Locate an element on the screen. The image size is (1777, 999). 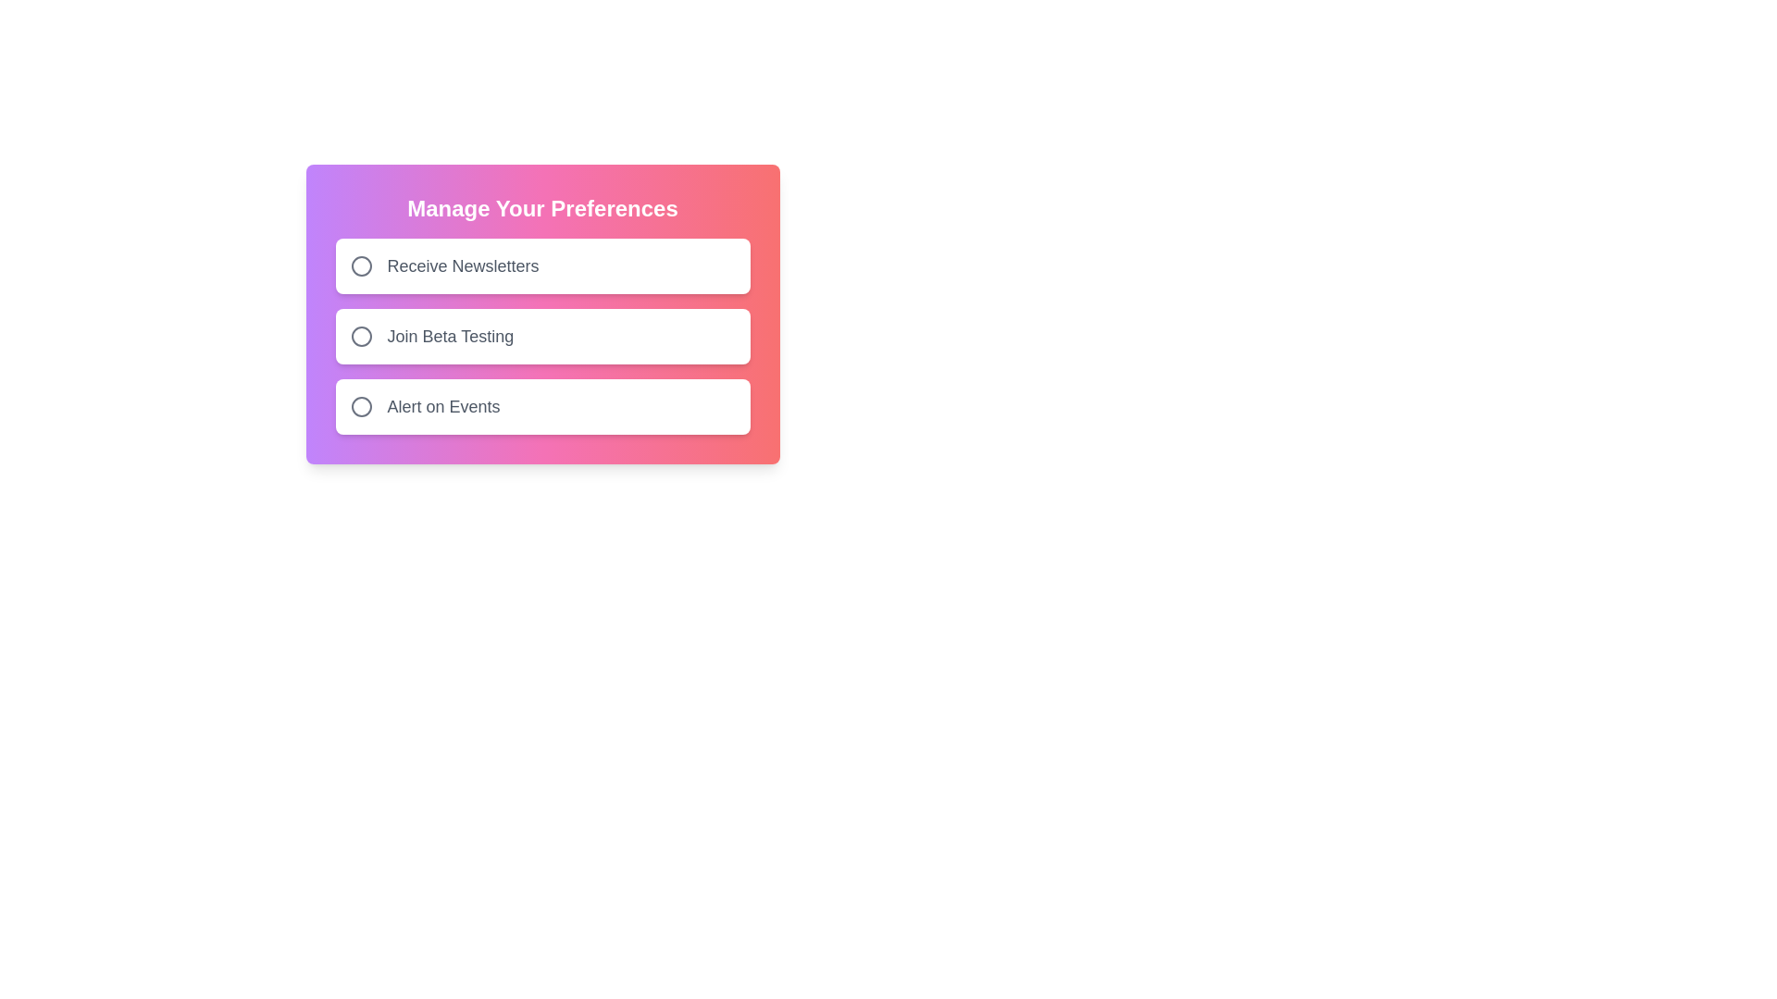
the 'Receive Newsletters' radio button to observe potential styling changes, which is the first element in the row within the white card on a purple-to-pink gradient background is located at coordinates (361, 266).